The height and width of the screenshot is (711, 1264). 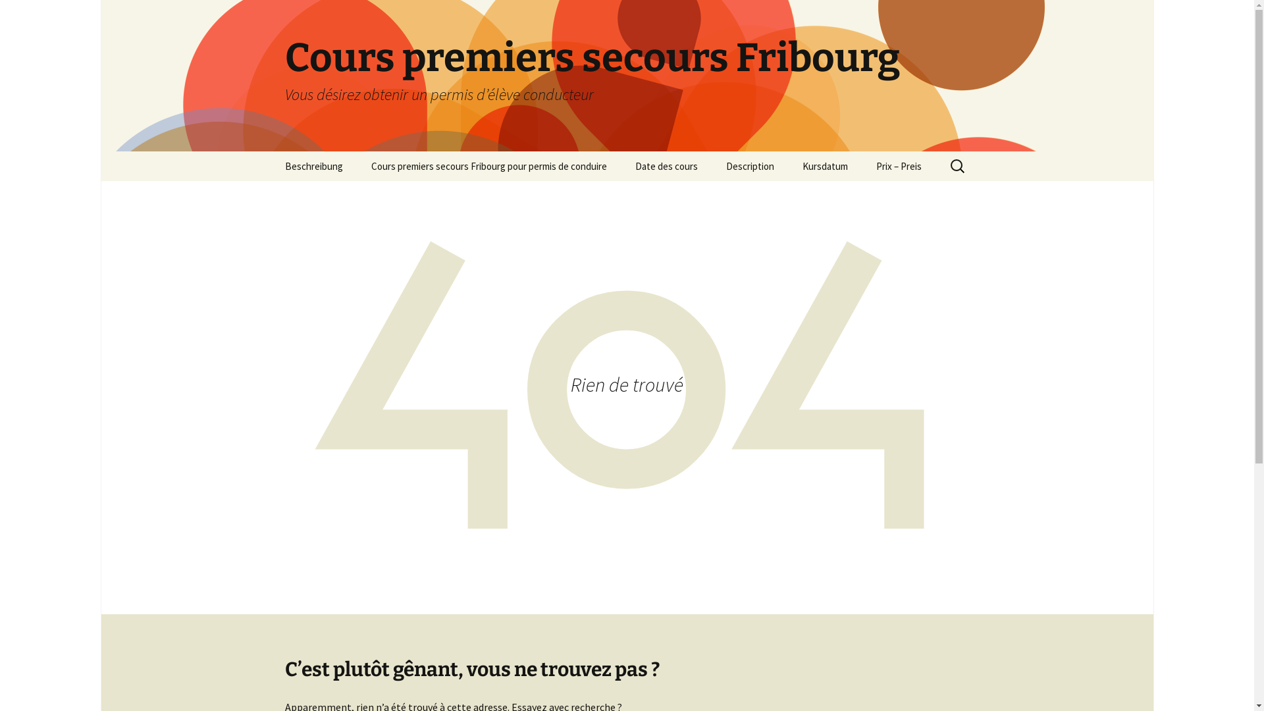 I want to click on 'Description', so click(x=749, y=165).